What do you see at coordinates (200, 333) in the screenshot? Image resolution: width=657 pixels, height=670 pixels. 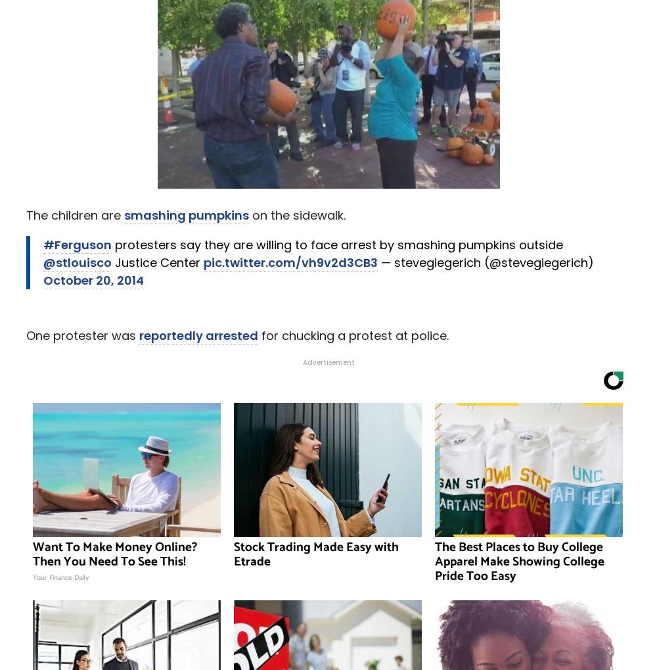 I see `'How Sugar May Be Linked to Autoimmune Diseases'` at bounding box center [200, 333].